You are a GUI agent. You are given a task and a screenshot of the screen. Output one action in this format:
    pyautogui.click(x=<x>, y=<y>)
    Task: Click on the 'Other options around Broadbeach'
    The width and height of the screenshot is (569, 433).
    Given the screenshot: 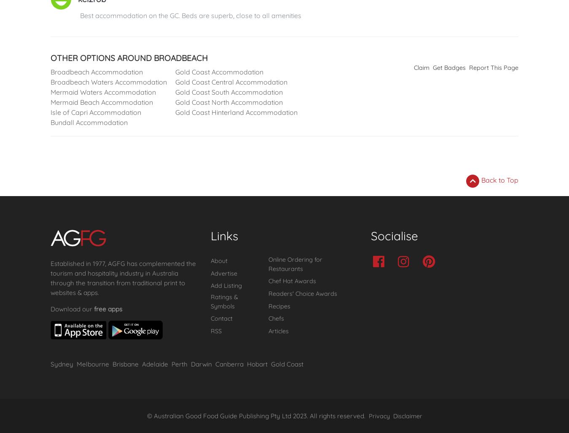 What is the action you would take?
    pyautogui.click(x=129, y=57)
    